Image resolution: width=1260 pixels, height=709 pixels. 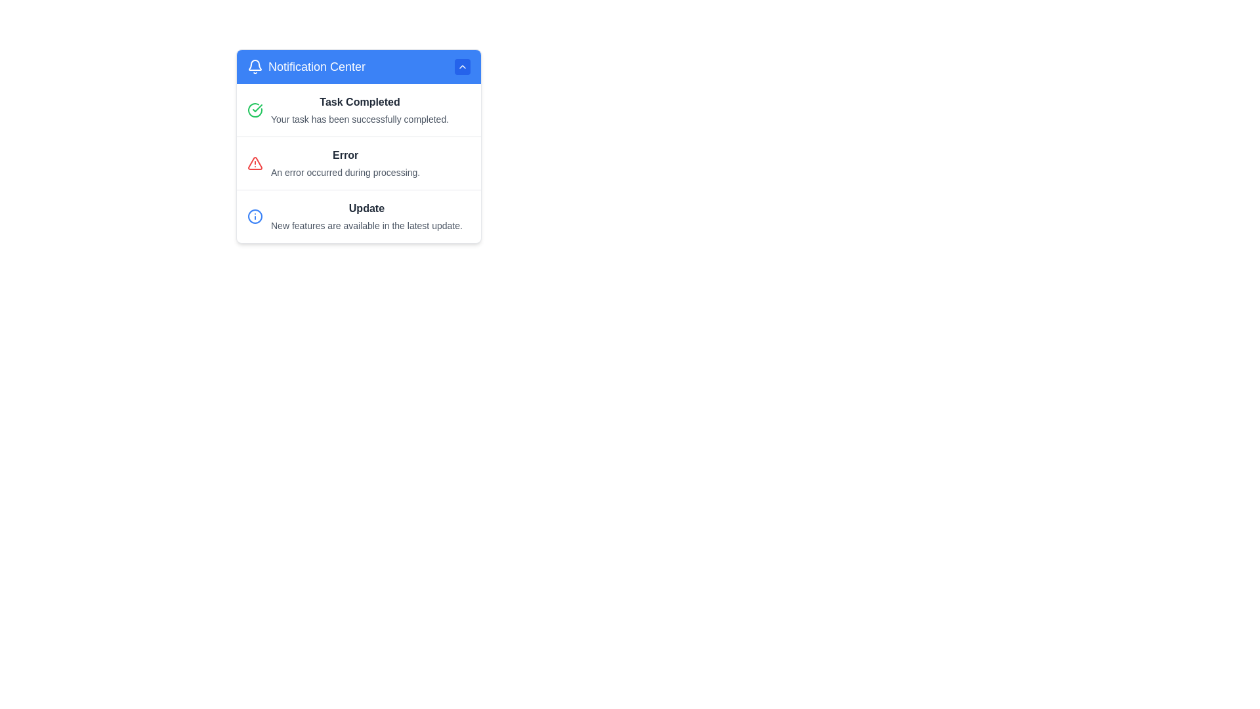 What do you see at coordinates (359, 162) in the screenshot?
I see `error message displayed in the error notification card, which has a red warning icon, a title 'Error', and a description 'An error occurred during processing.'` at bounding box center [359, 162].